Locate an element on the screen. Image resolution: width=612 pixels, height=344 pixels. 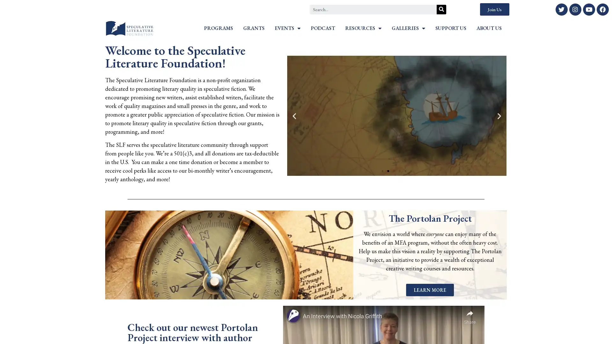
Search is located at coordinates (441, 9).